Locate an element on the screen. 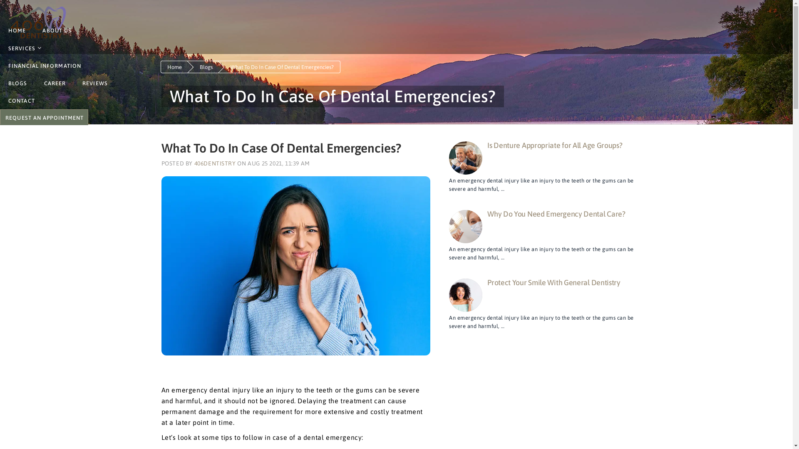 The height and width of the screenshot is (449, 799). 'Blogs' is located at coordinates (206, 67).